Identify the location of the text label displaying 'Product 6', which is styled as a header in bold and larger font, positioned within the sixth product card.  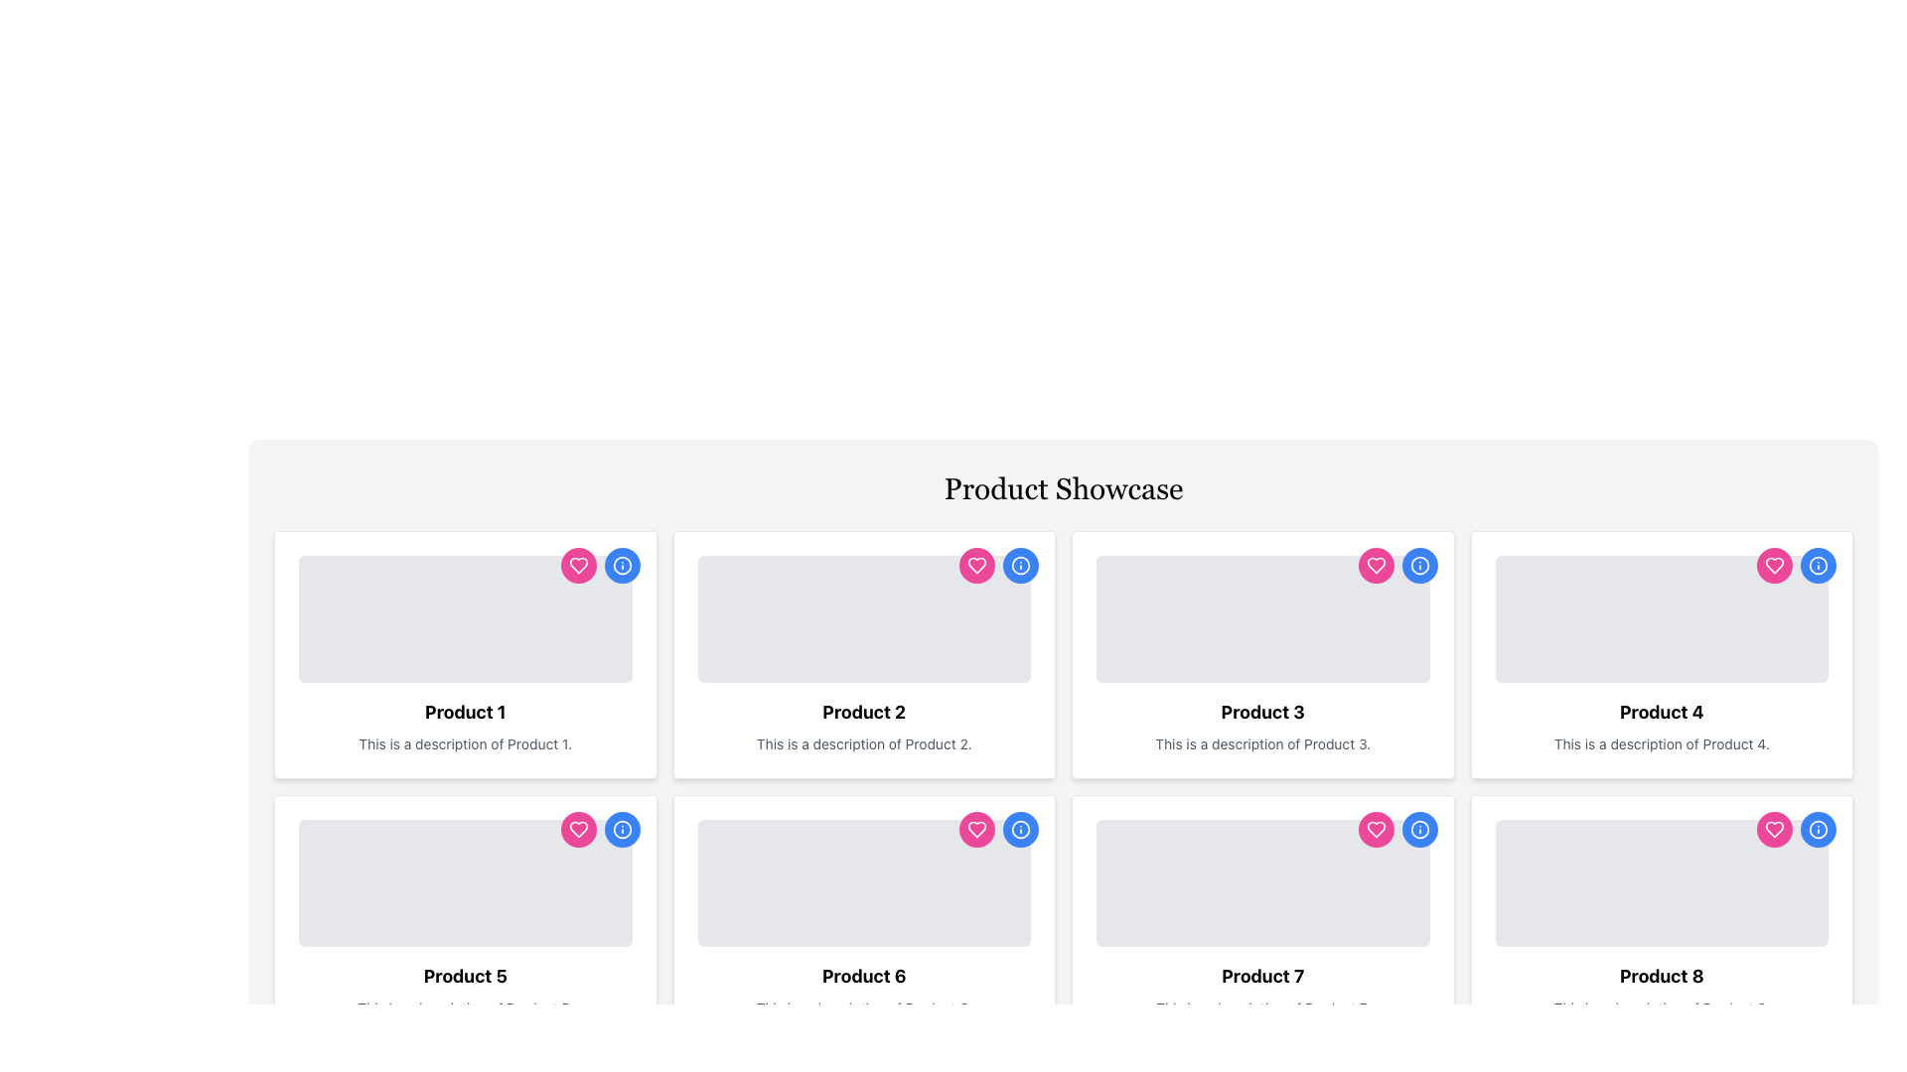
(864, 975).